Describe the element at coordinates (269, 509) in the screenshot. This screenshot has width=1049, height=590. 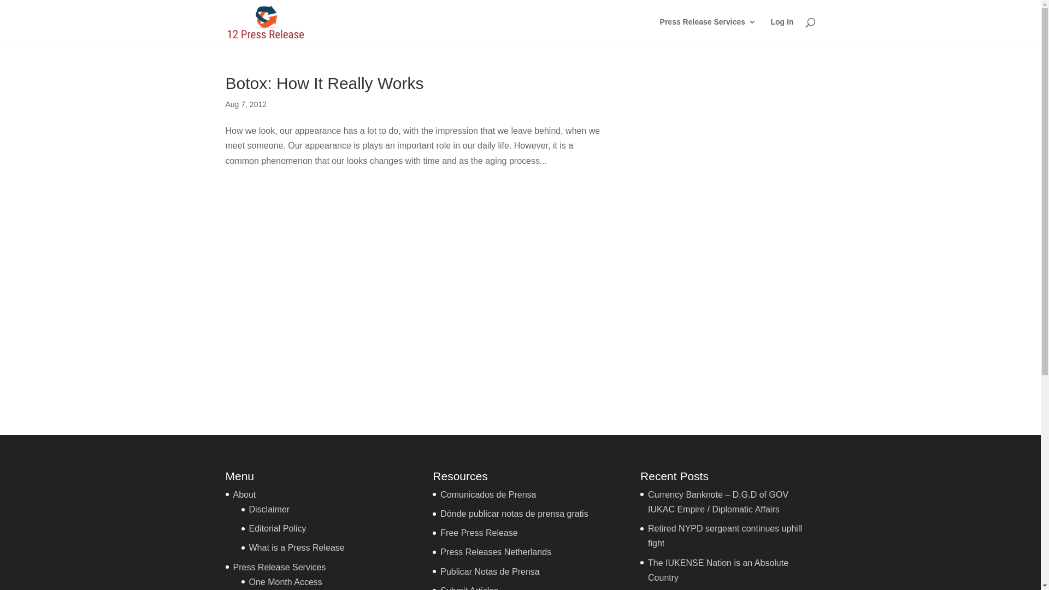
I see `'Disclaimer'` at that location.